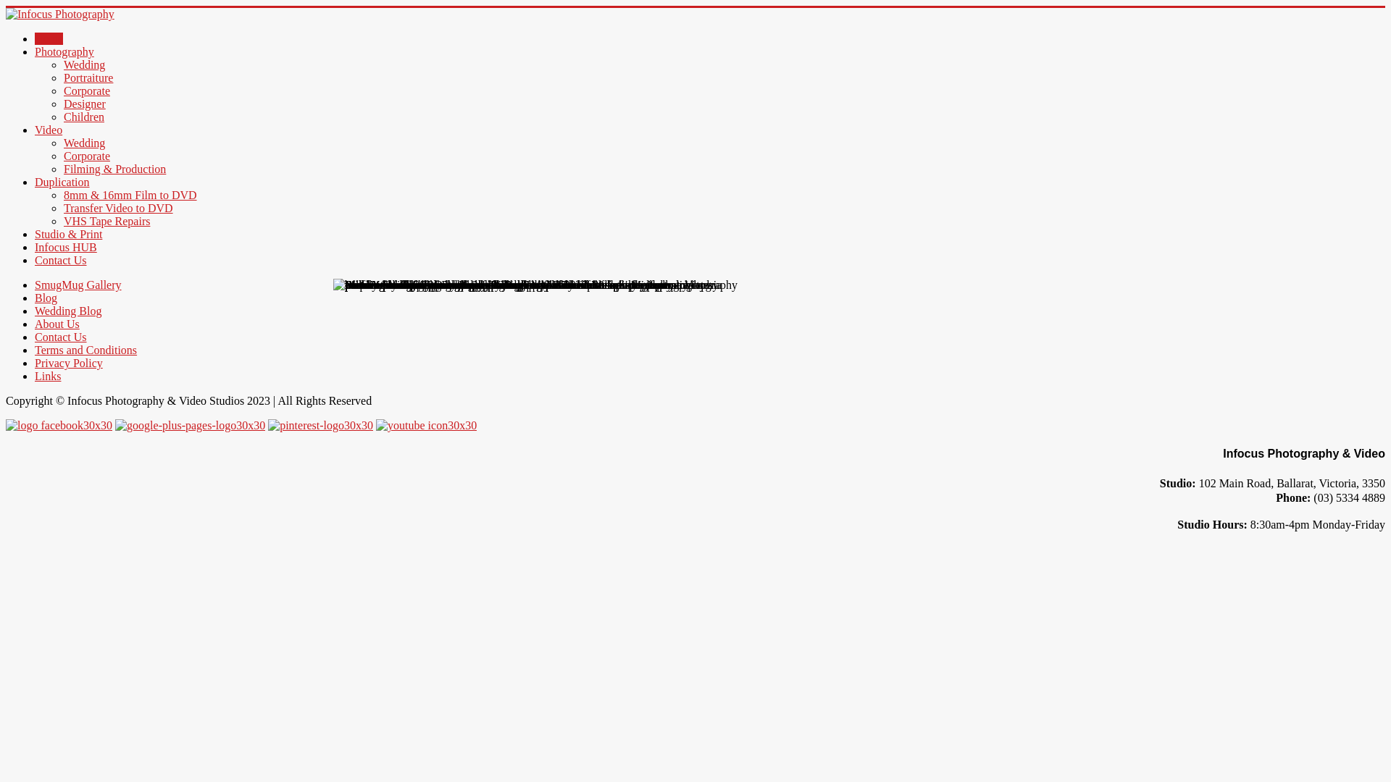 This screenshot has height=782, width=1391. What do you see at coordinates (85, 350) in the screenshot?
I see `'Terms and Conditions'` at bounding box center [85, 350].